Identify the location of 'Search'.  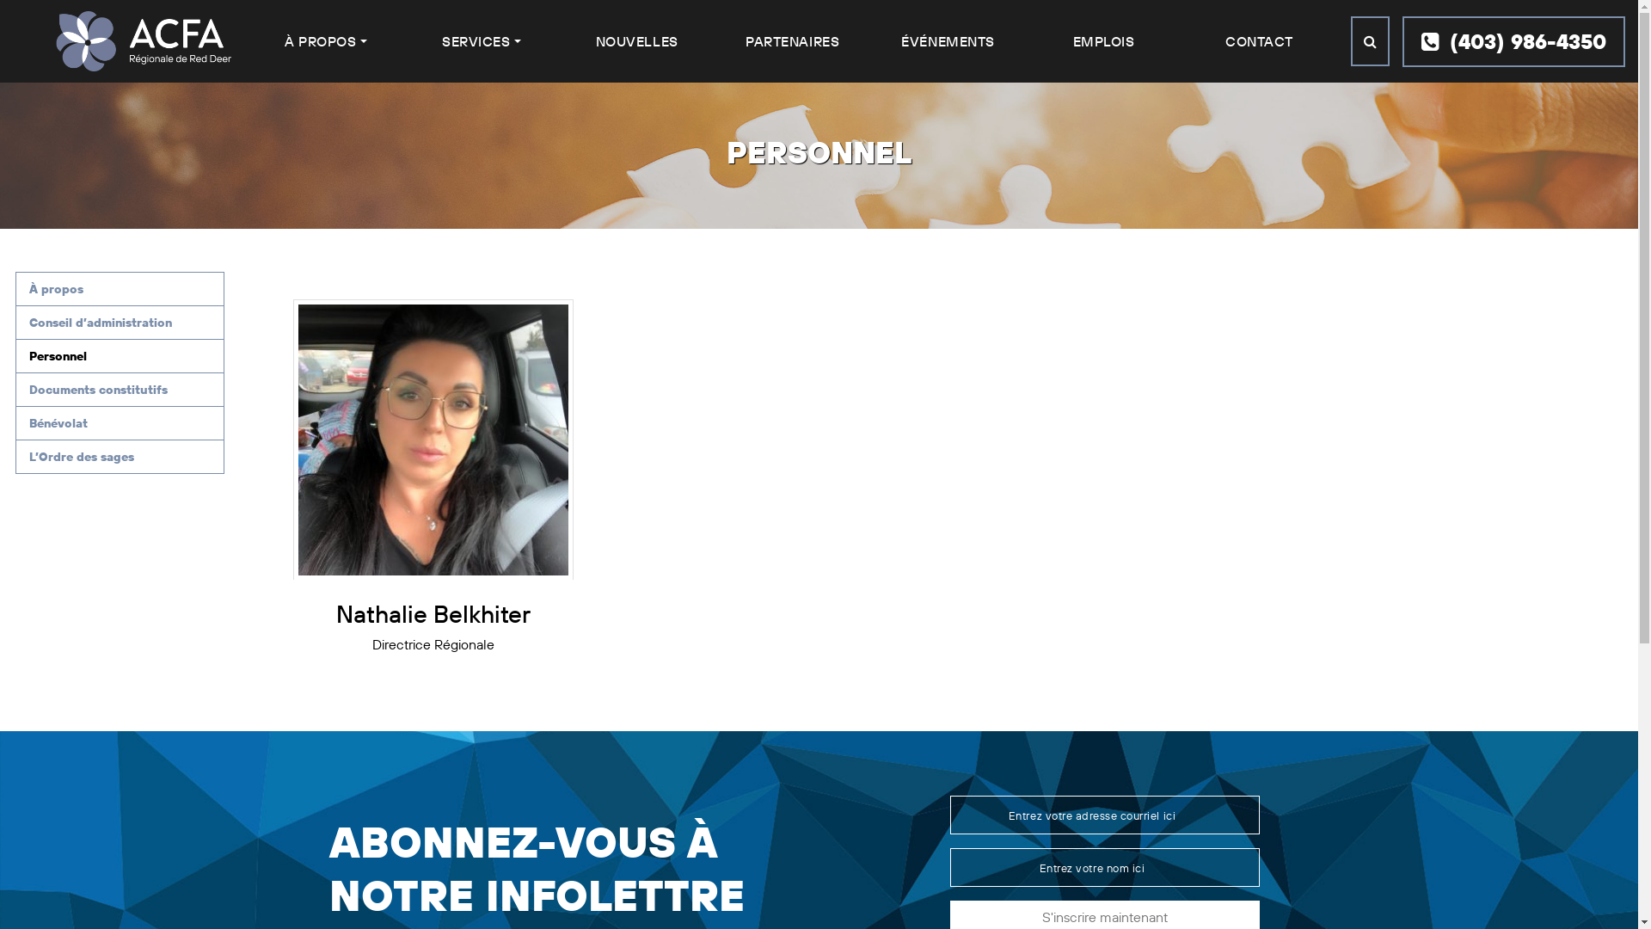
(1369, 40).